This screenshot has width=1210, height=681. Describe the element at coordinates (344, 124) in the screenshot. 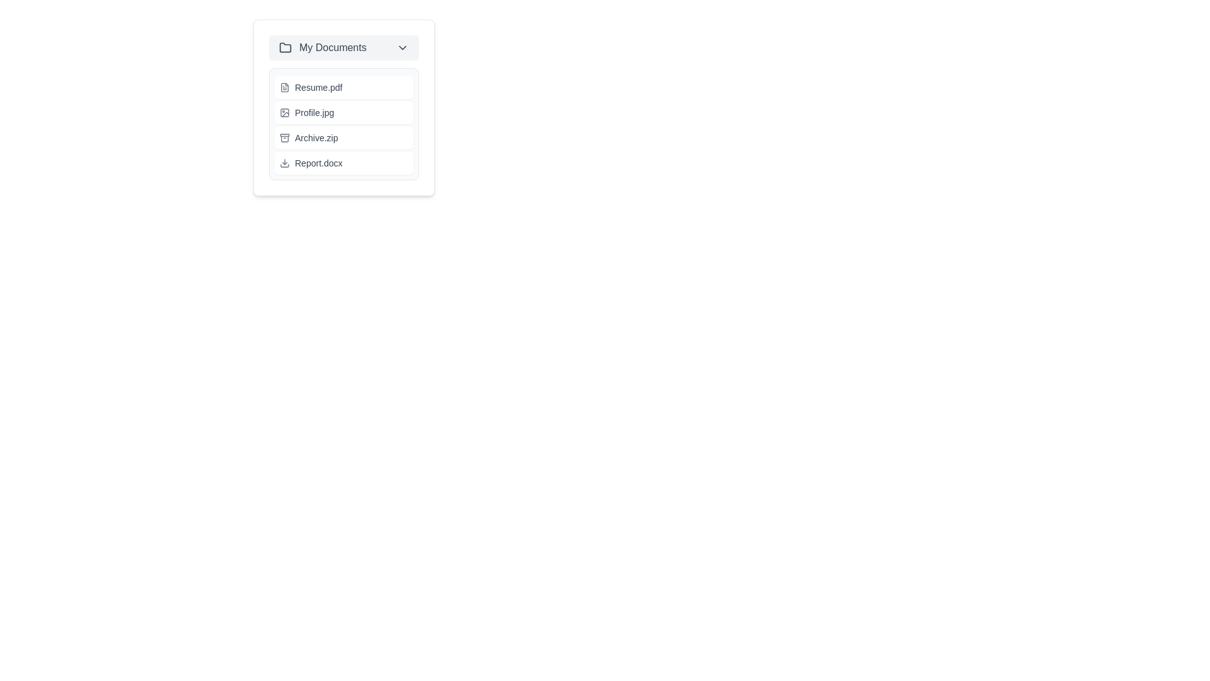

I see `the second entry` at that location.